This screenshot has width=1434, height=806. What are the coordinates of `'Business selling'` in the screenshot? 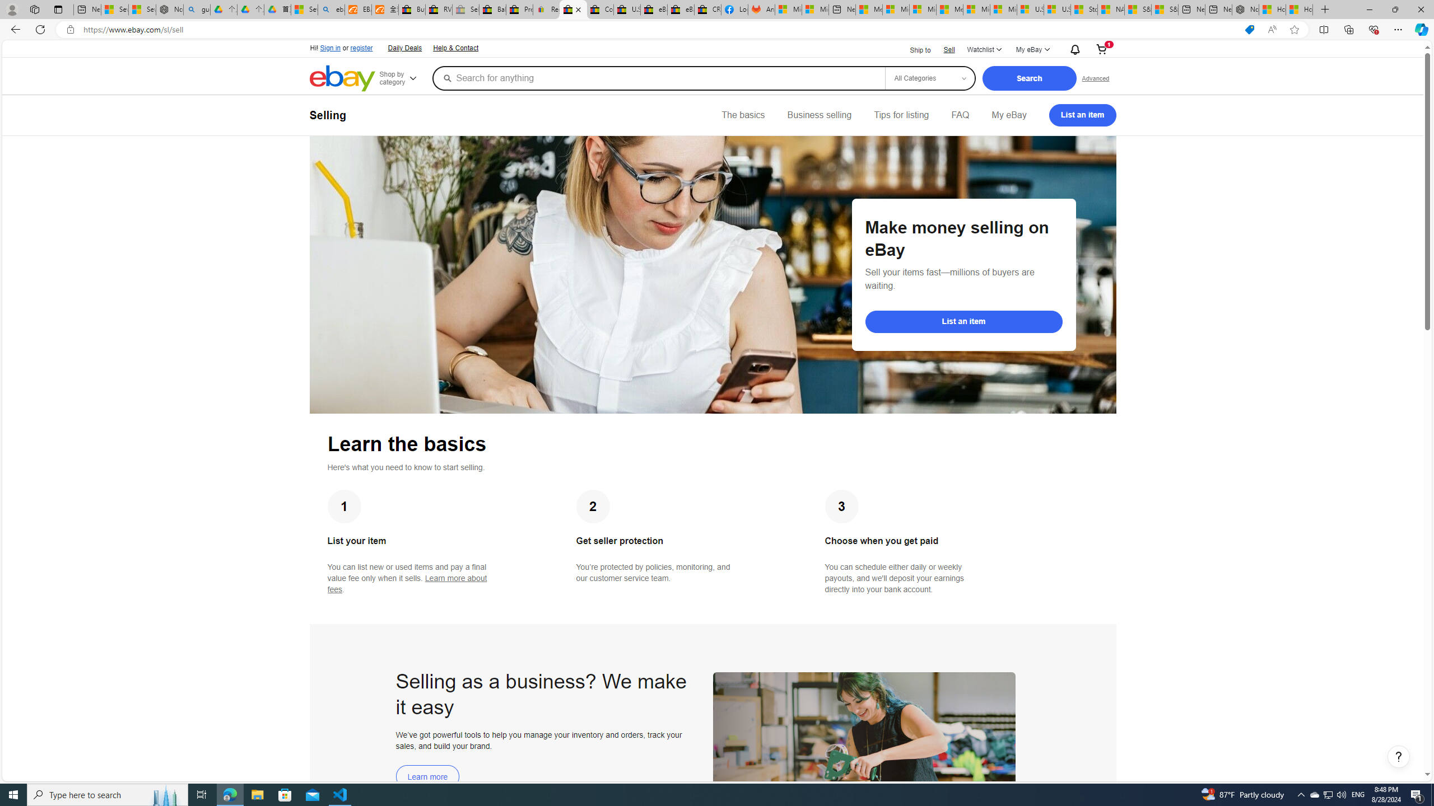 It's located at (820, 114).